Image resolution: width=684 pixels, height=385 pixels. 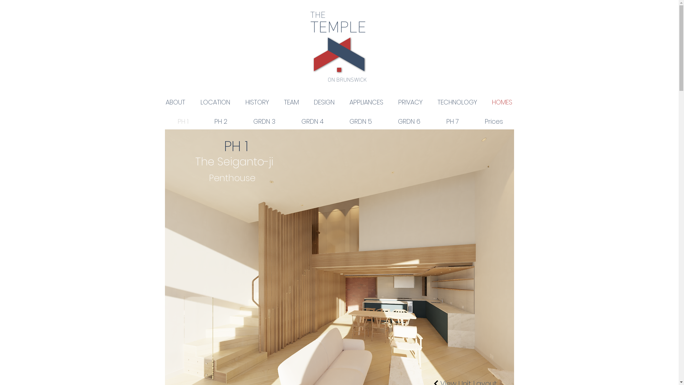 I want to click on 'HISTORY', so click(x=256, y=102).